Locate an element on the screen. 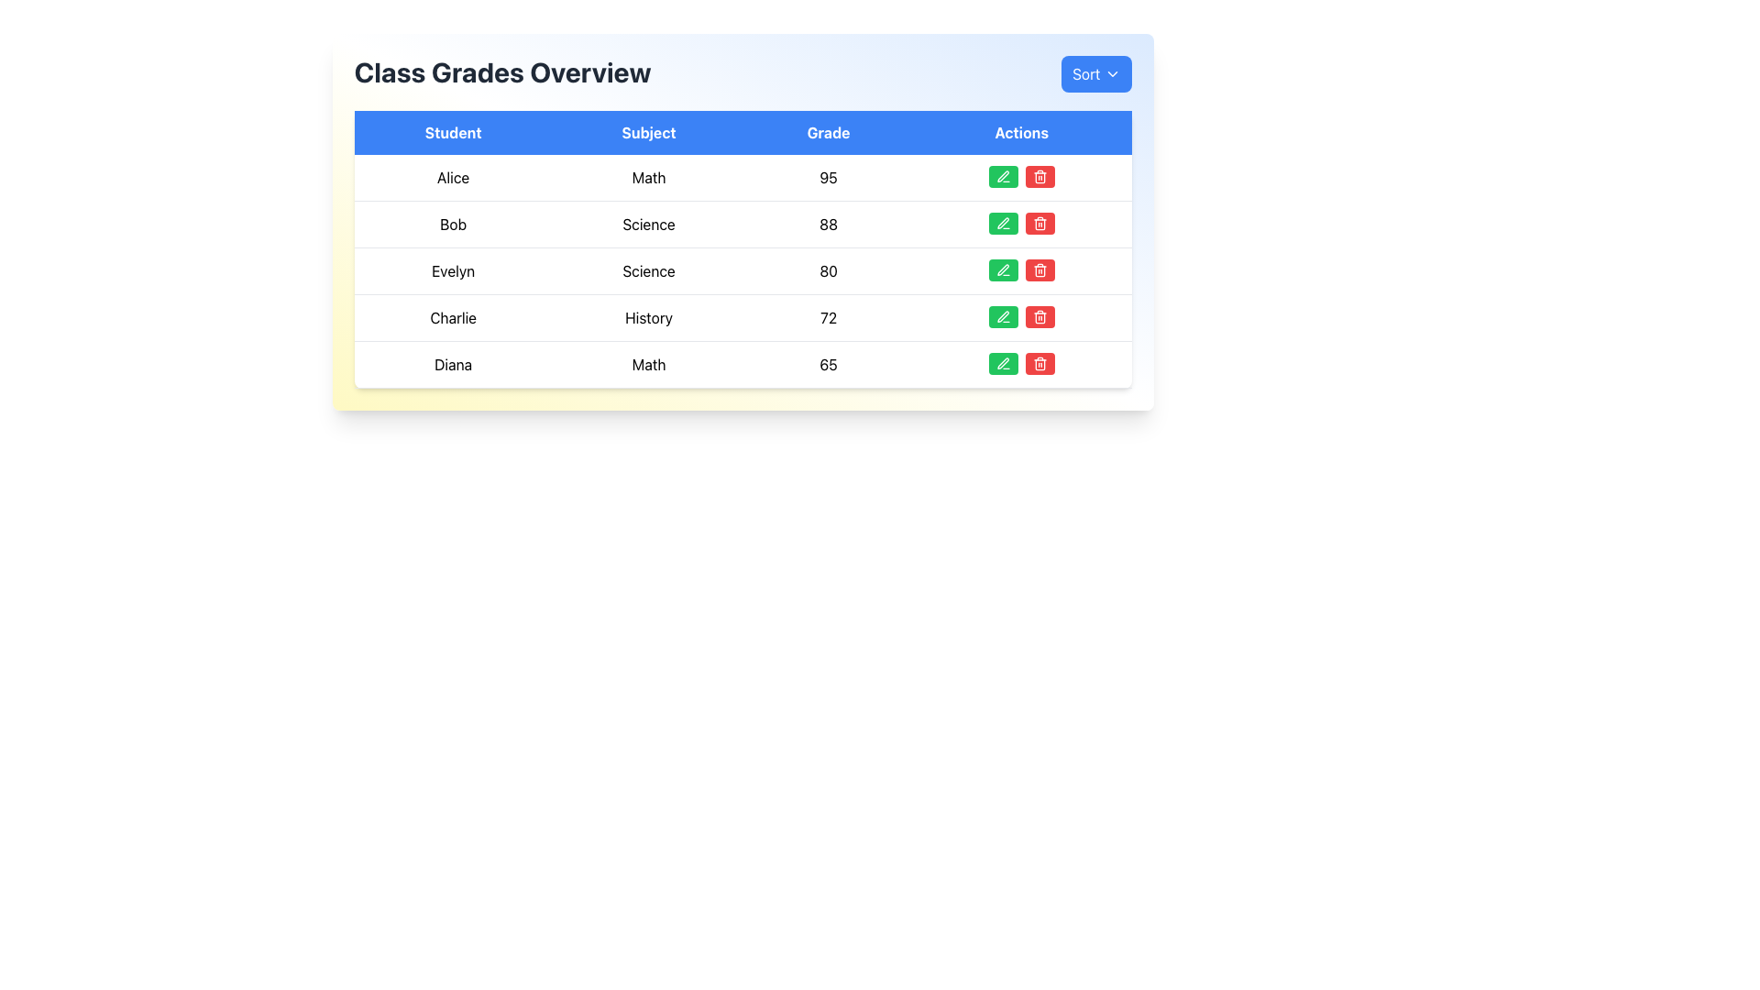  the text label displaying 'Math' in the fifth row of the table under the 'Subject' column is located at coordinates (649, 364).